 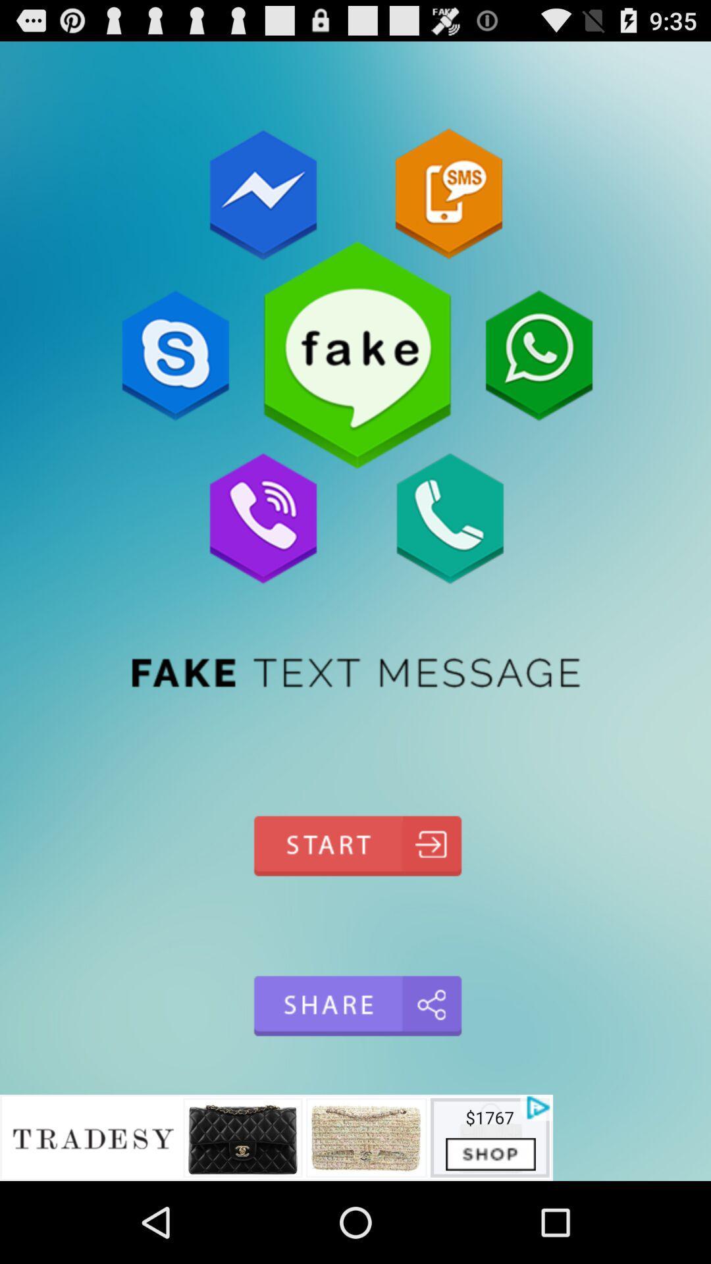 I want to click on the advertisement, so click(x=276, y=1137).